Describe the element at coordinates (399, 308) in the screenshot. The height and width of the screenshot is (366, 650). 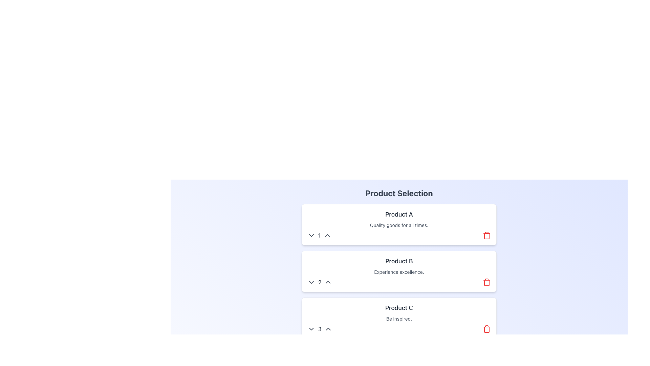
I see `the text label that identifies the product title in the third card under 'Product Selection'` at that location.